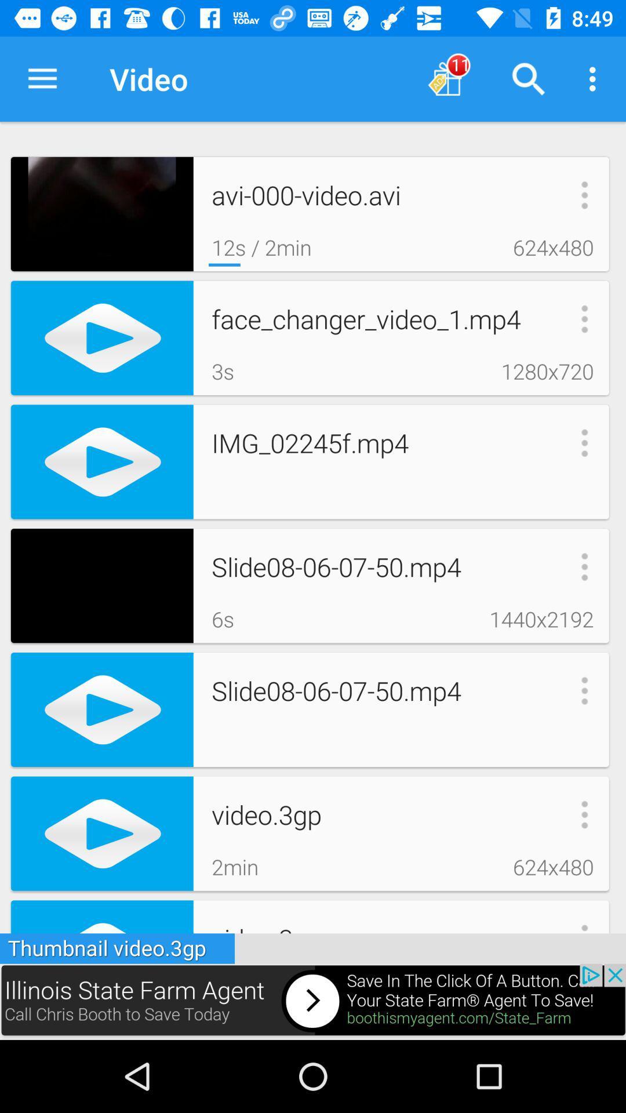 Image resolution: width=626 pixels, height=1113 pixels. I want to click on advertisement bar, so click(313, 1001).